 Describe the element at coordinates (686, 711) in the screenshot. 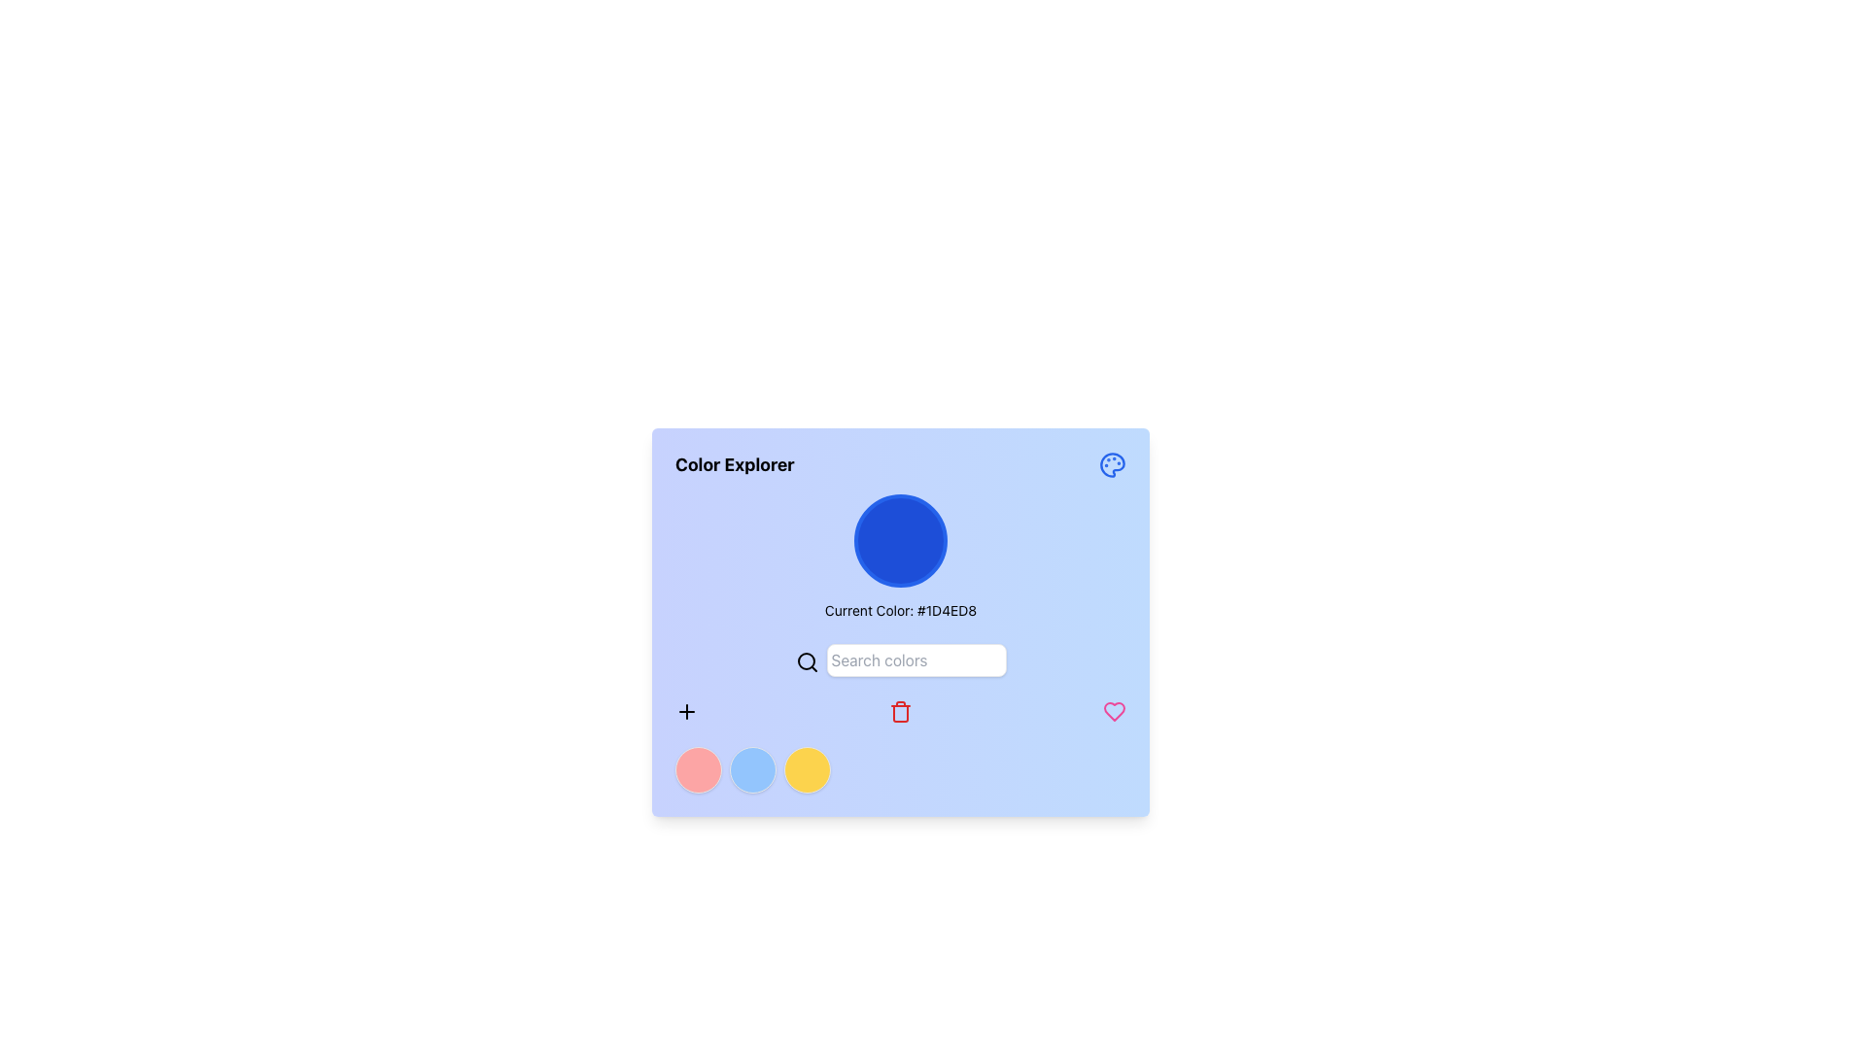

I see `the plus sign button icon located in the lower left section of the interface` at that location.